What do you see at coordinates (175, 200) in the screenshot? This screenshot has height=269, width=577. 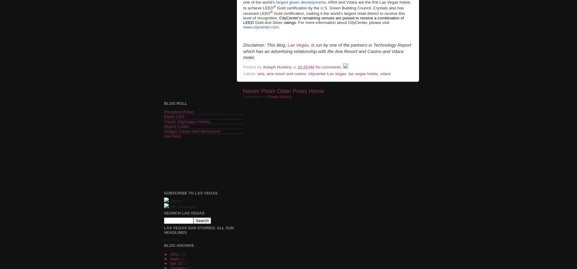 I see `'Posts'` at bounding box center [175, 200].